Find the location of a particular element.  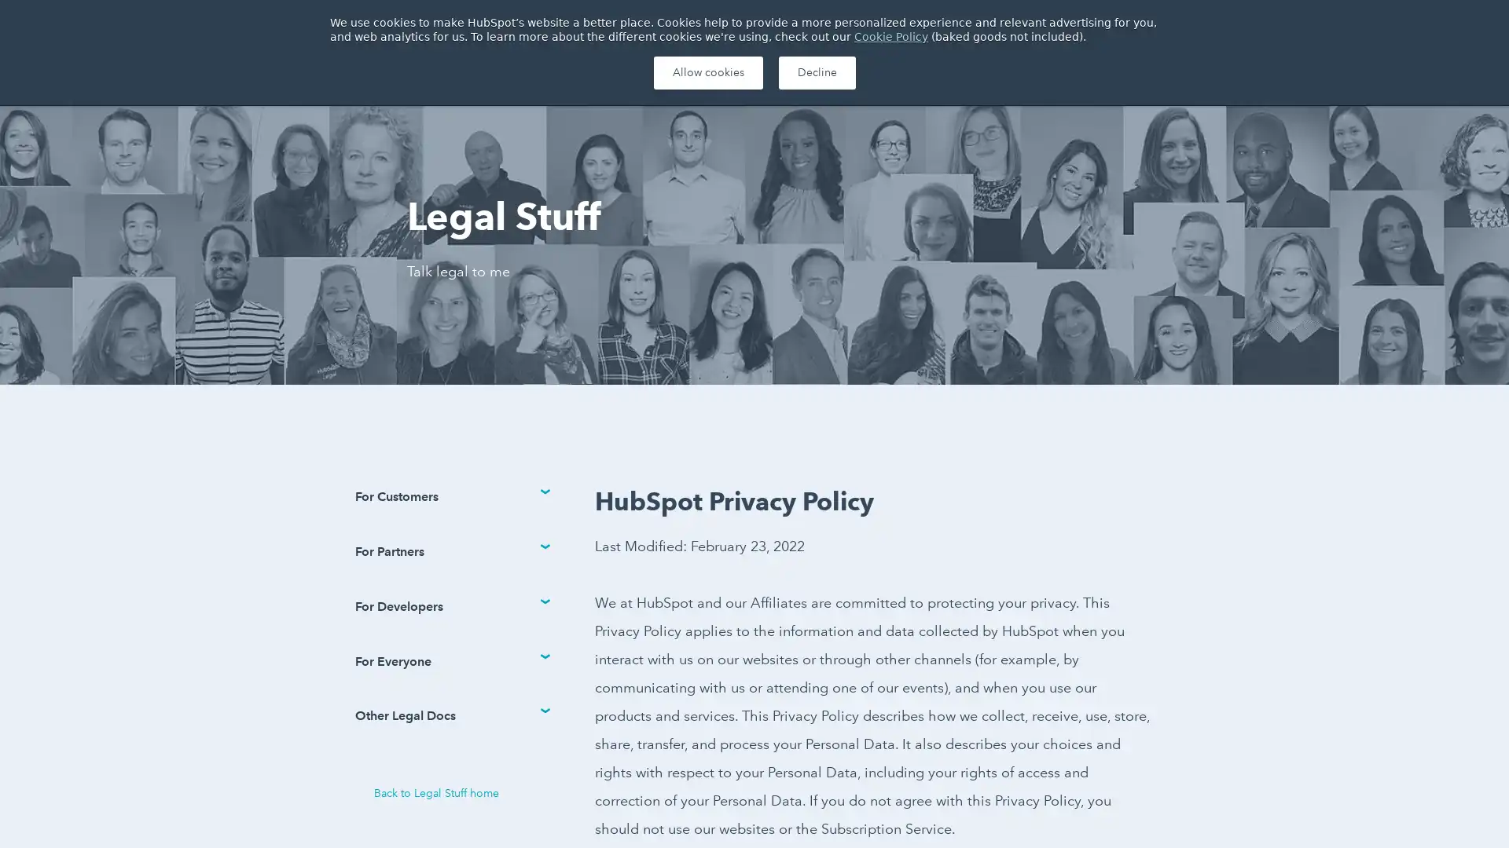

Allow cookies is located at coordinates (707, 72).